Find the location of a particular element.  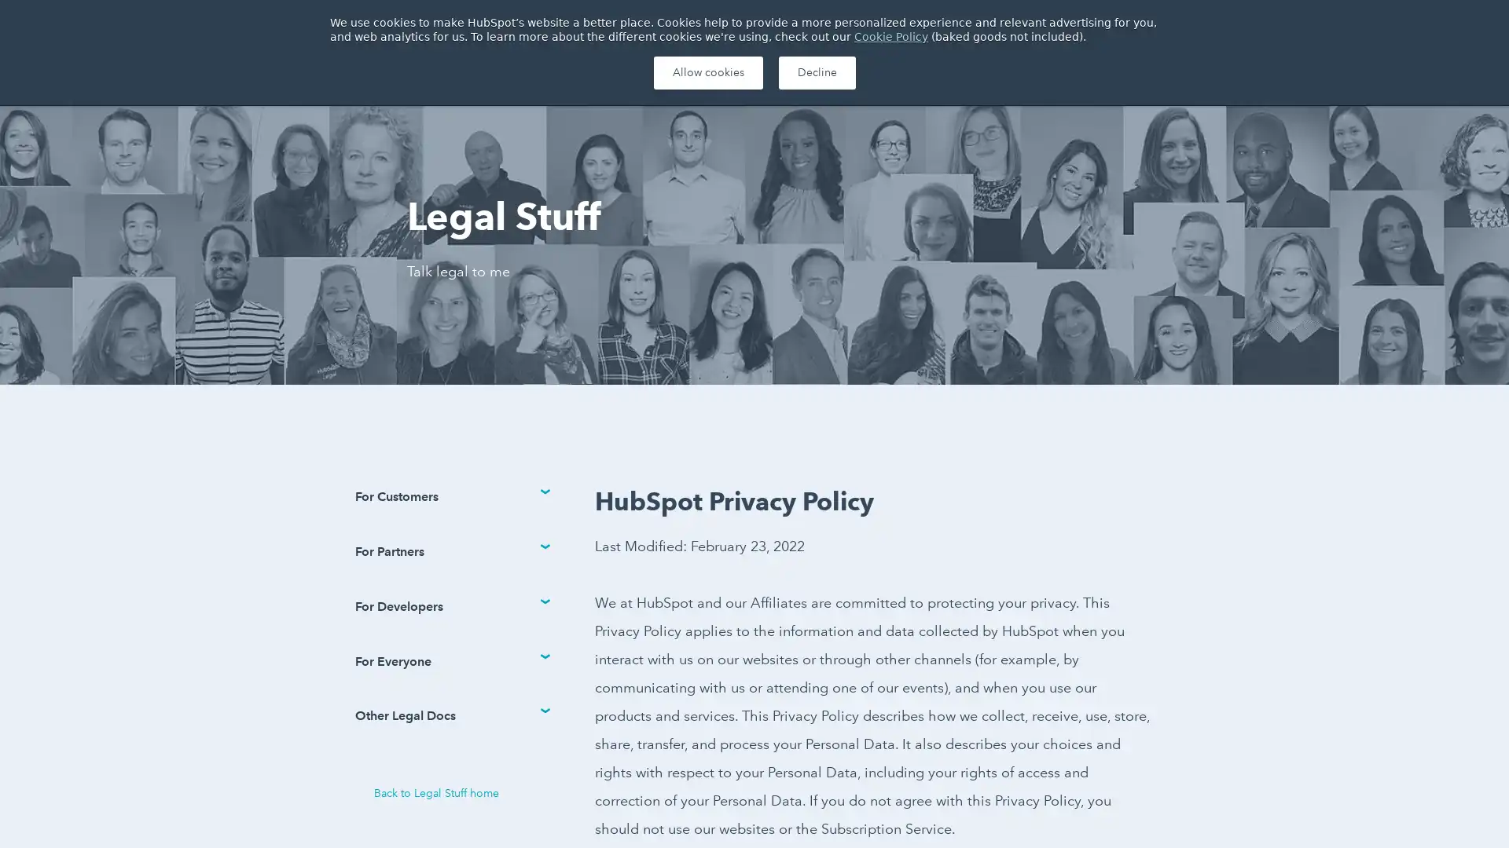

Allow cookies is located at coordinates (707, 72).